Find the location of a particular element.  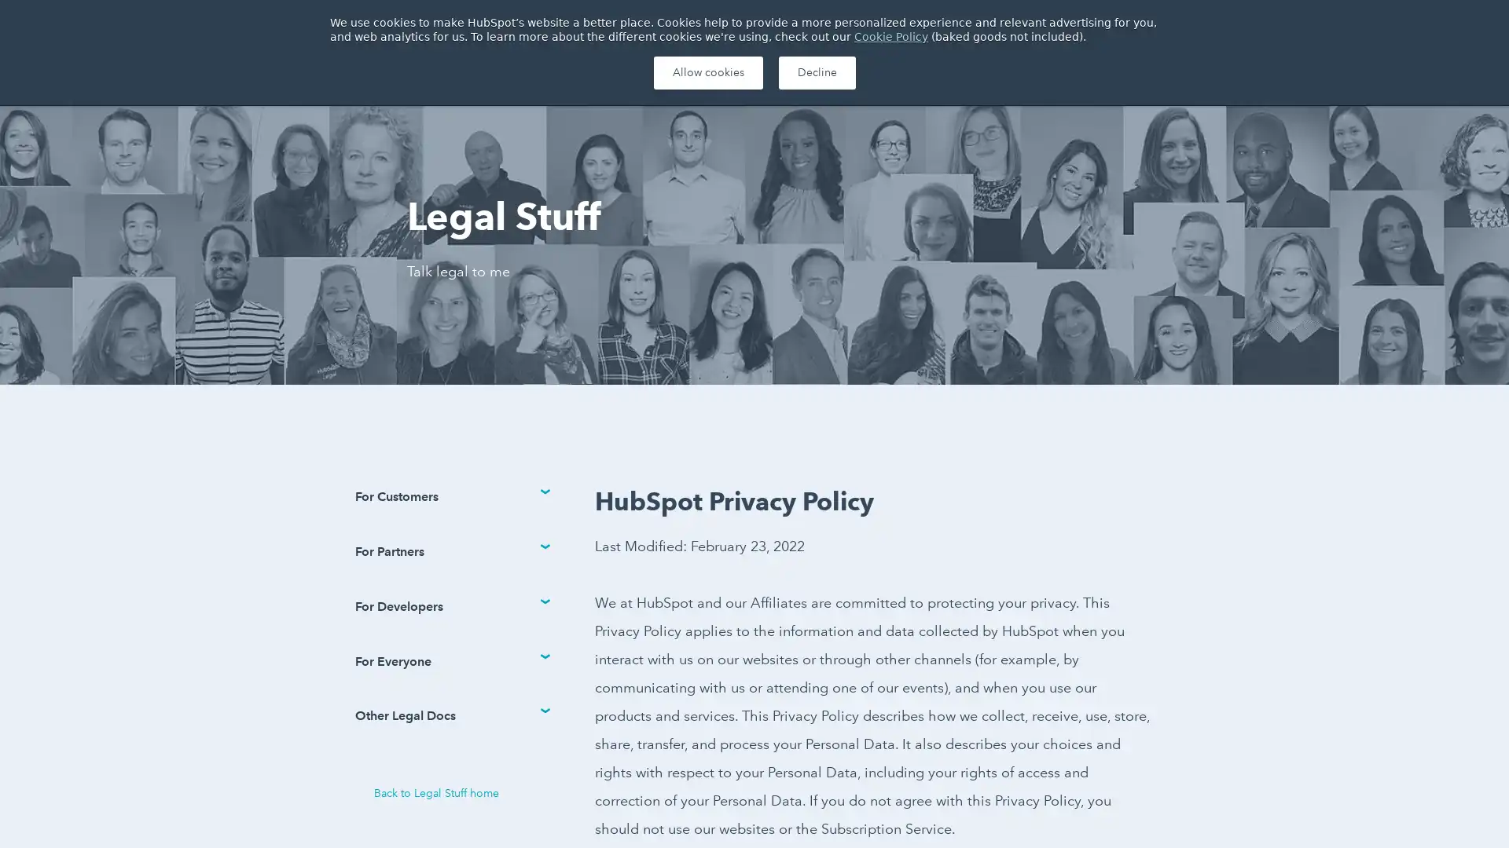

Allow cookies is located at coordinates (707, 72).